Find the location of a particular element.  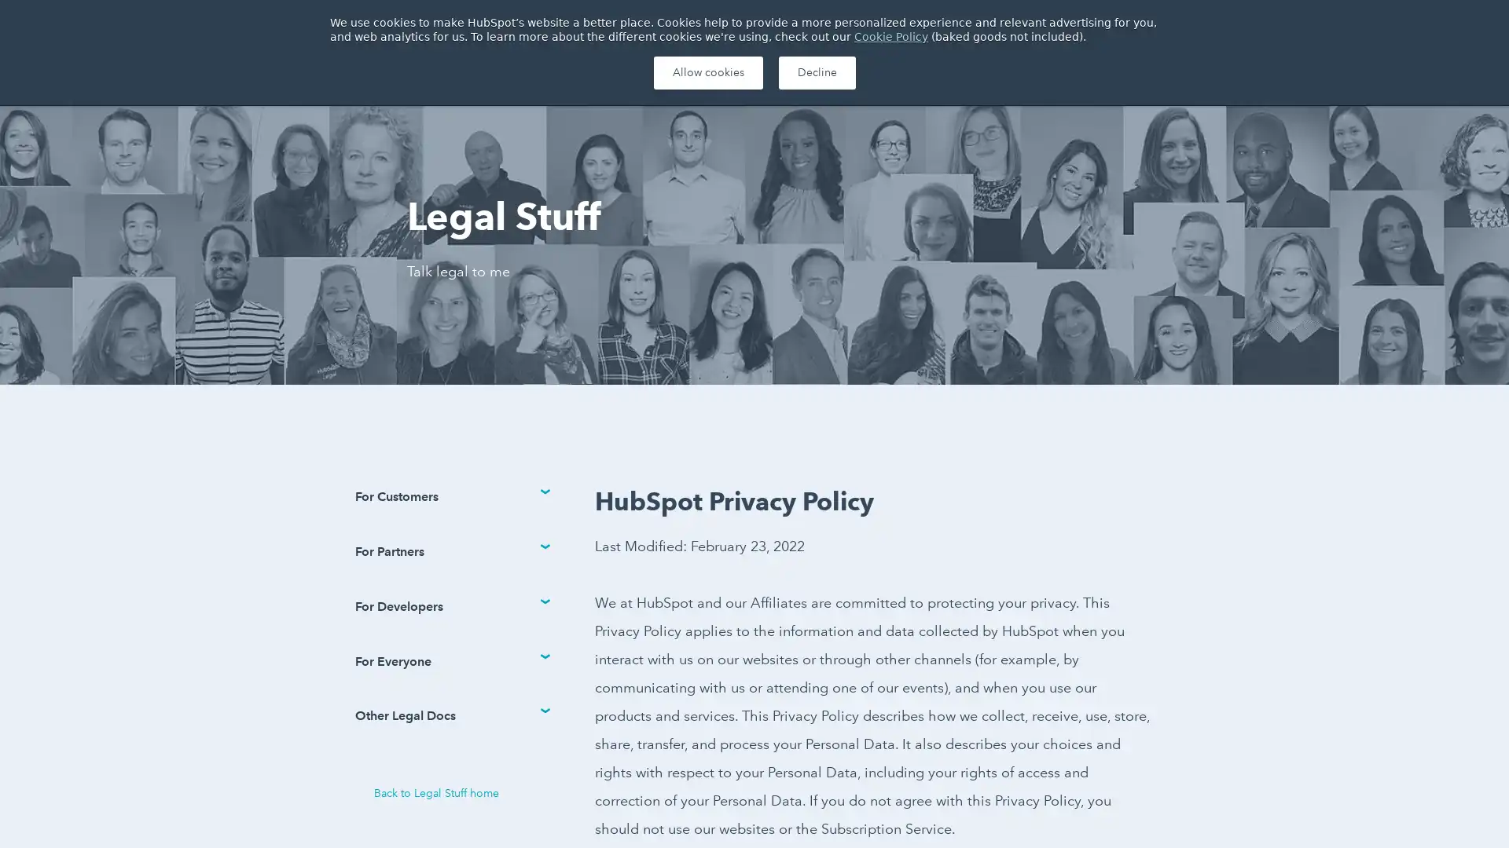

Allow cookies is located at coordinates (707, 72).